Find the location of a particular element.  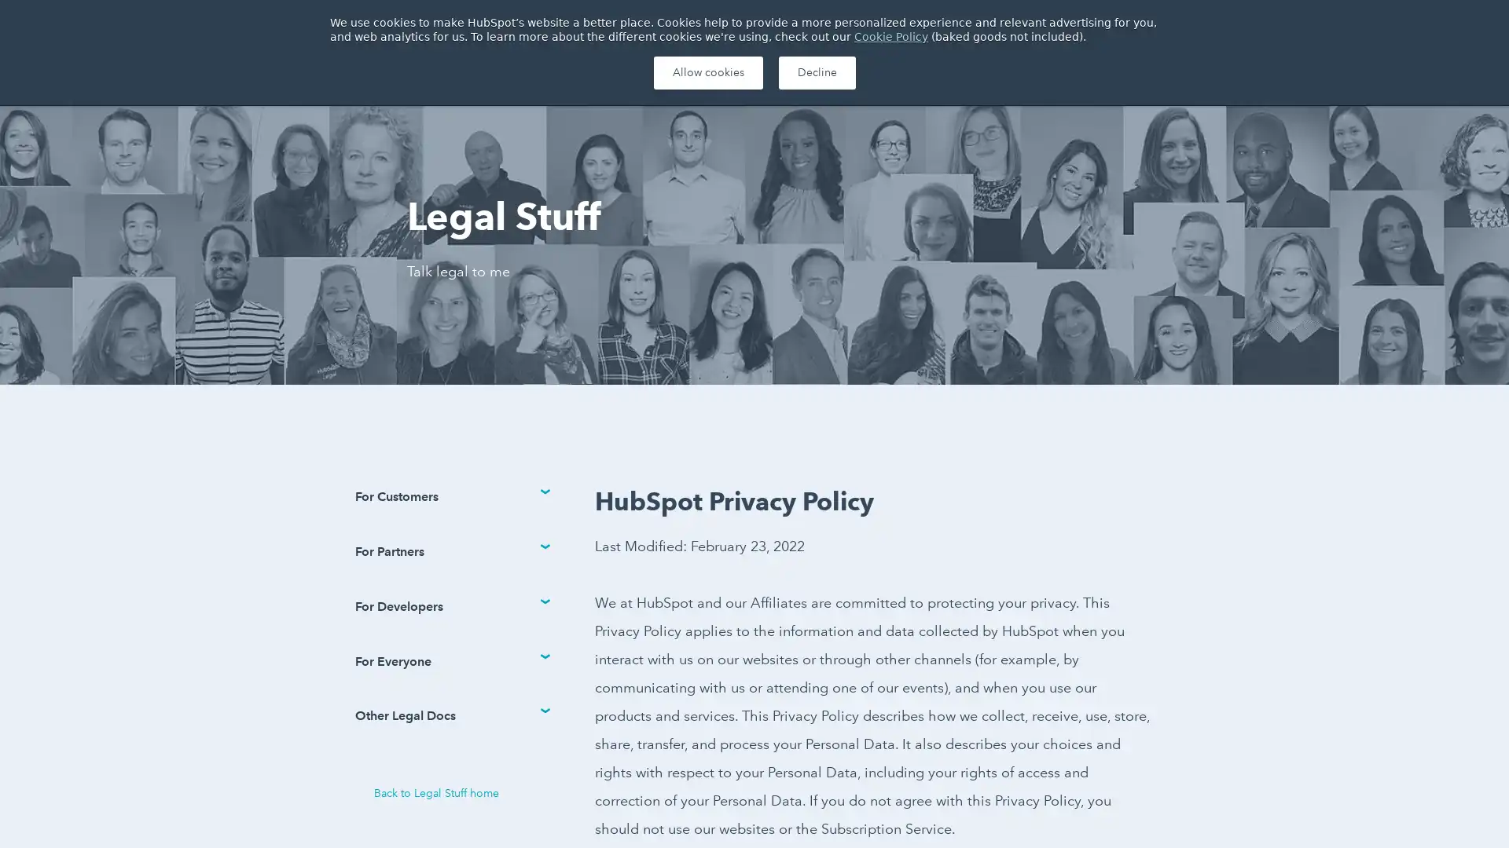

Allow cookies is located at coordinates (707, 72).